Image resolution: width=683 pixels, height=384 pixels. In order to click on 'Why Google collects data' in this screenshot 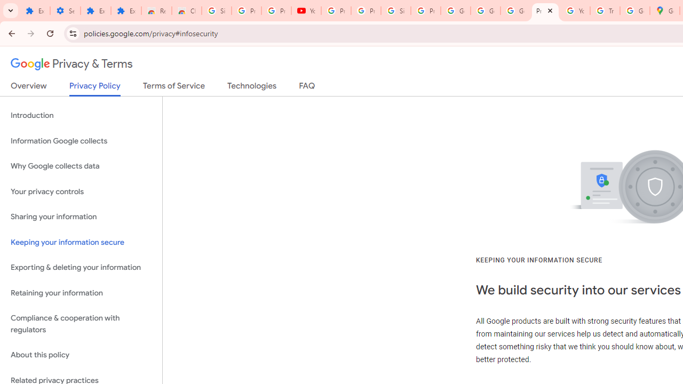, I will do `click(81, 166)`.